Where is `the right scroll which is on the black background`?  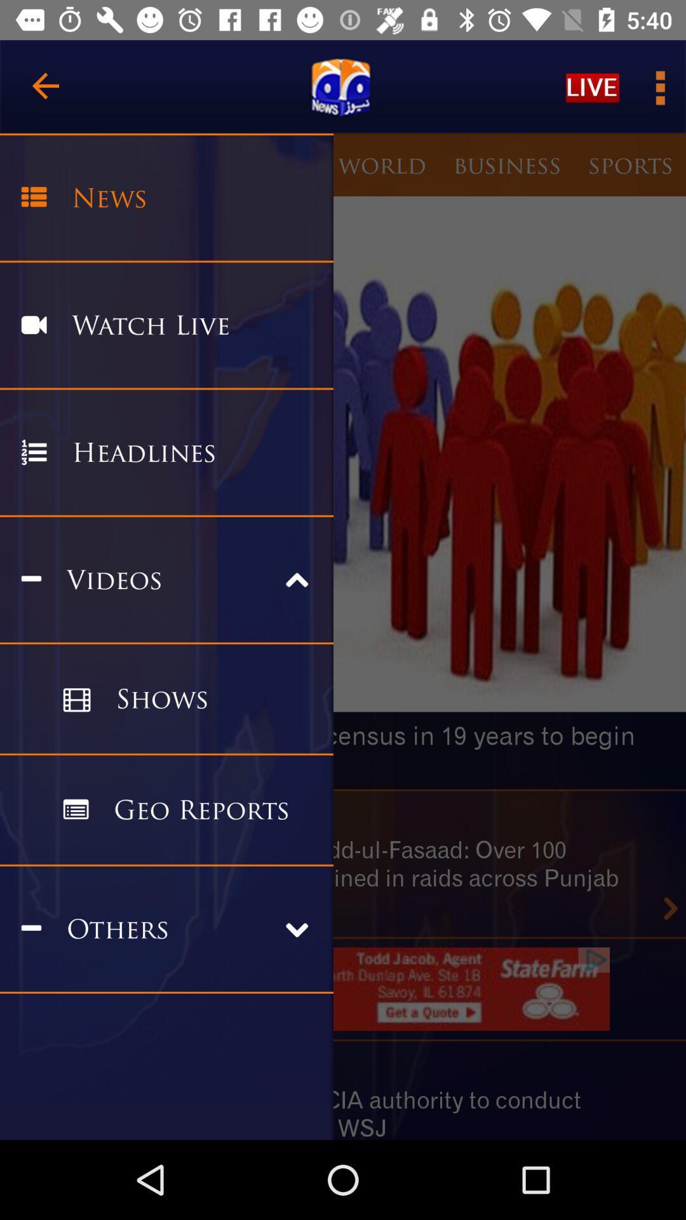 the right scroll which is on the black background is located at coordinates (670, 908).